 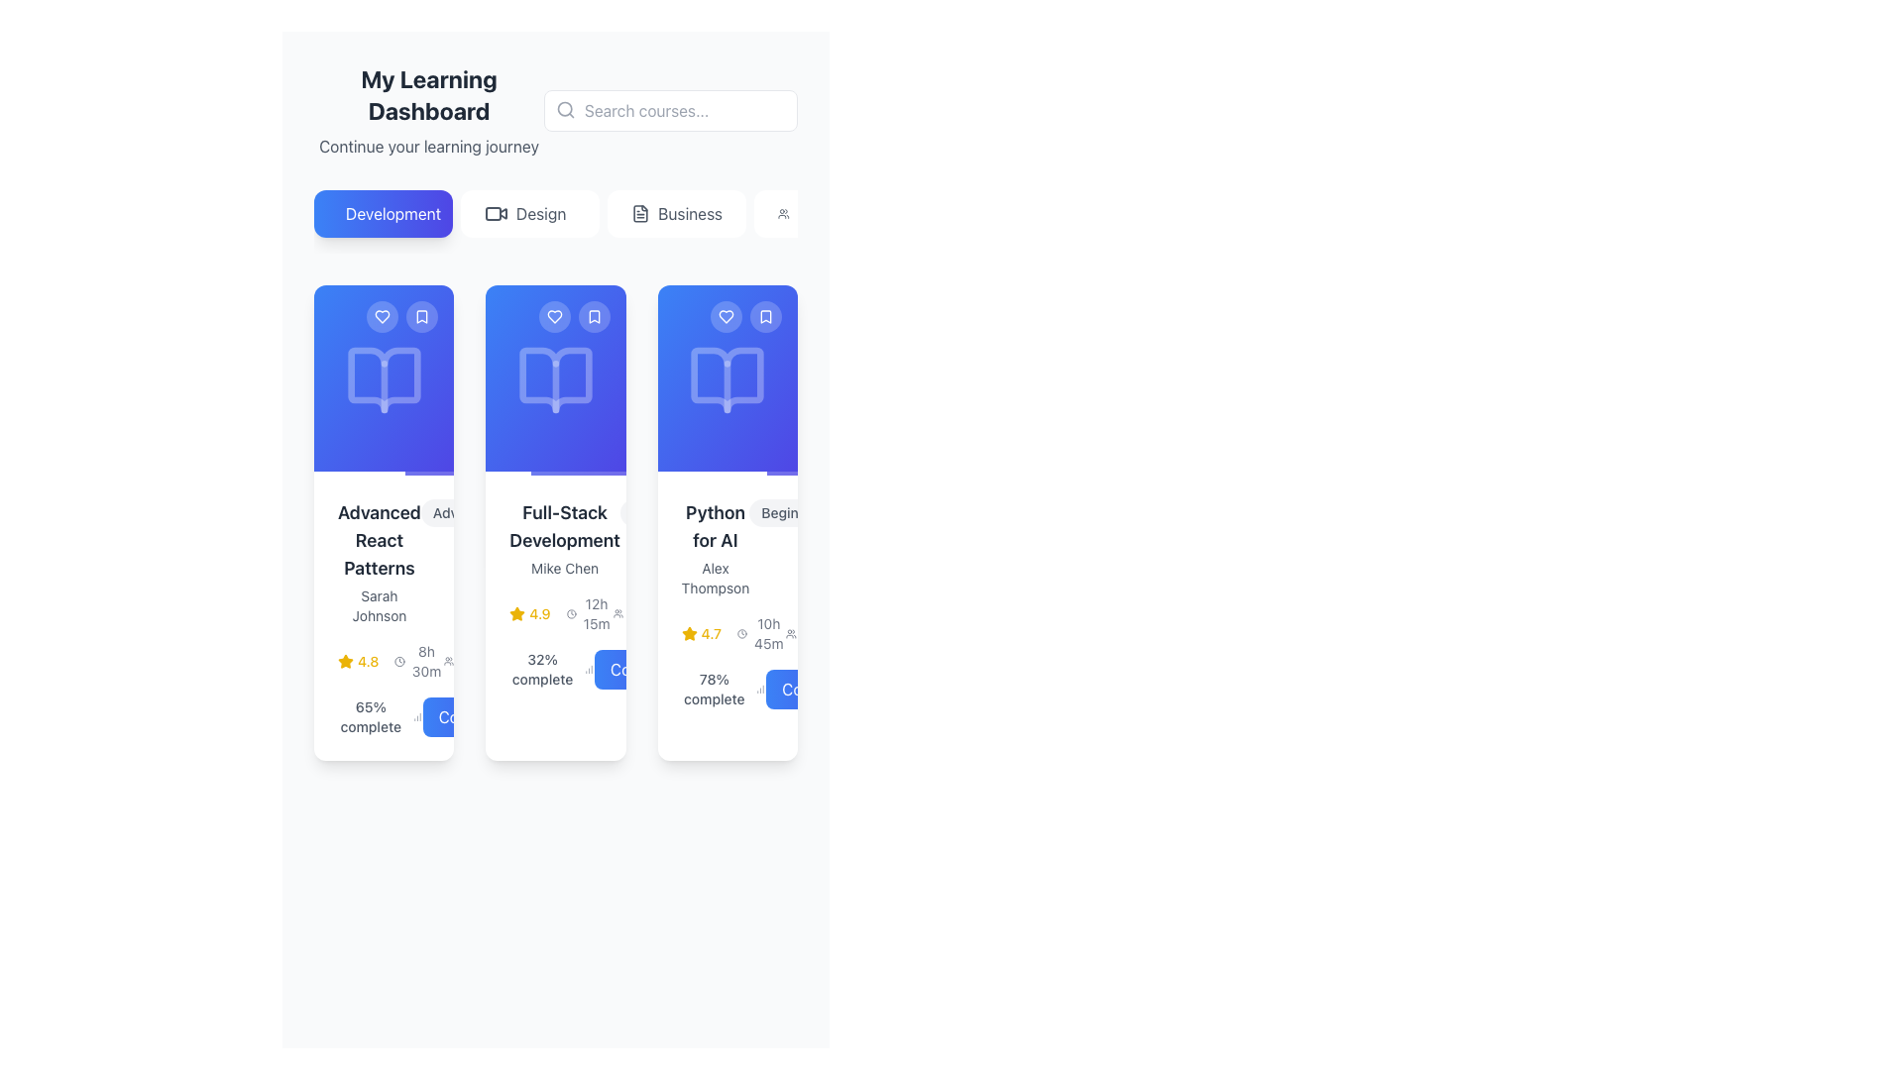 I want to click on the open book icon with a blue gradient background, which is centrally placed at the top of the first card in the dashboard interface, so click(x=384, y=380).